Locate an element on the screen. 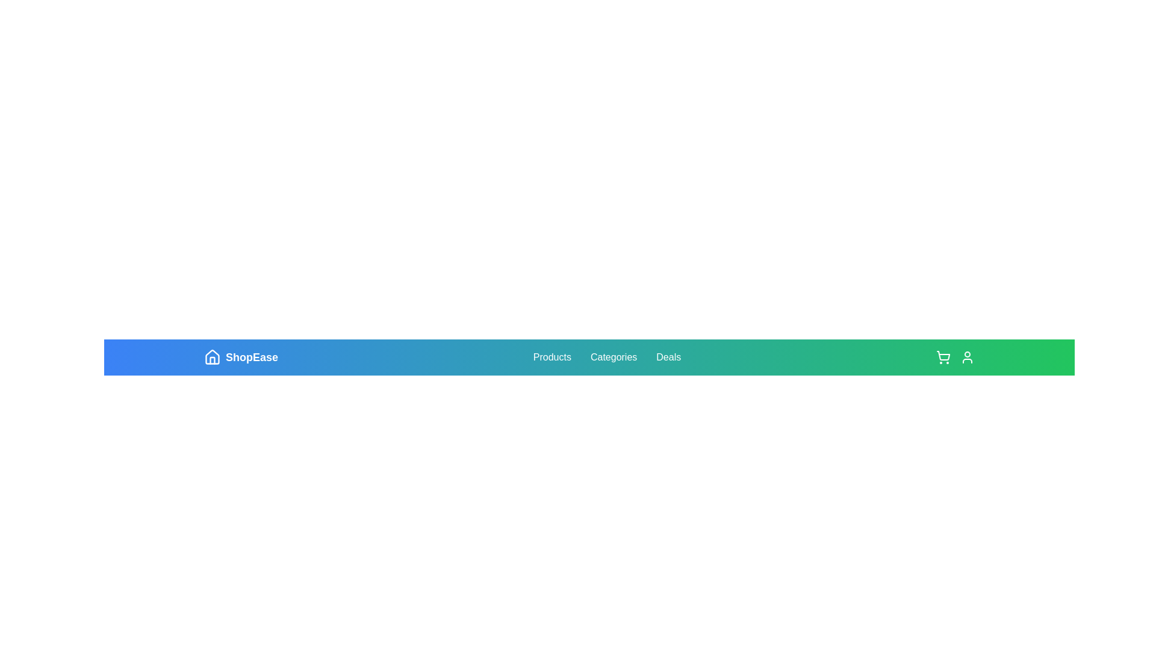  the 'ShopEase' logo, which is a small house-shaped icon followed by the text in bold, light-colored font located at the left side of the navigation bar is located at coordinates (241, 357).